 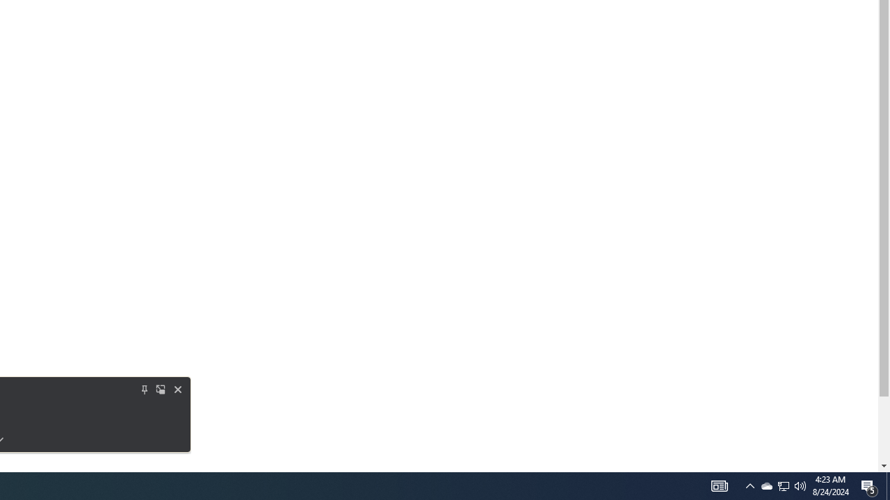 What do you see at coordinates (750, 485) in the screenshot?
I see `'Notification Chevron'` at bounding box center [750, 485].